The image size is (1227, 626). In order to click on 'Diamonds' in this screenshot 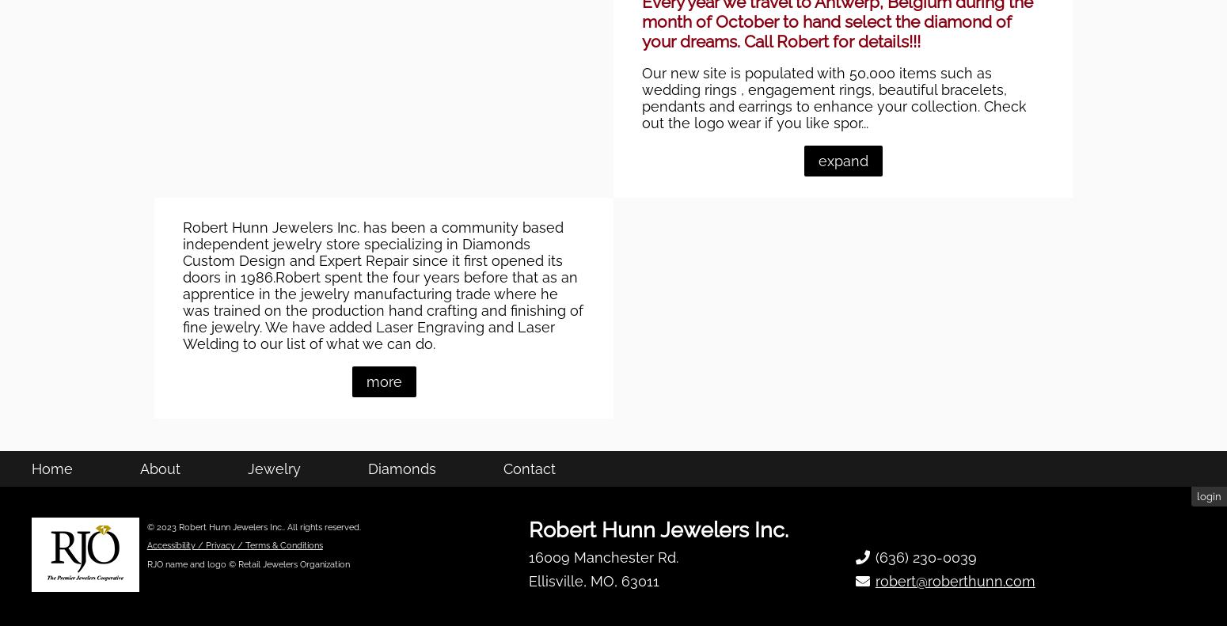, I will do `click(401, 550)`.